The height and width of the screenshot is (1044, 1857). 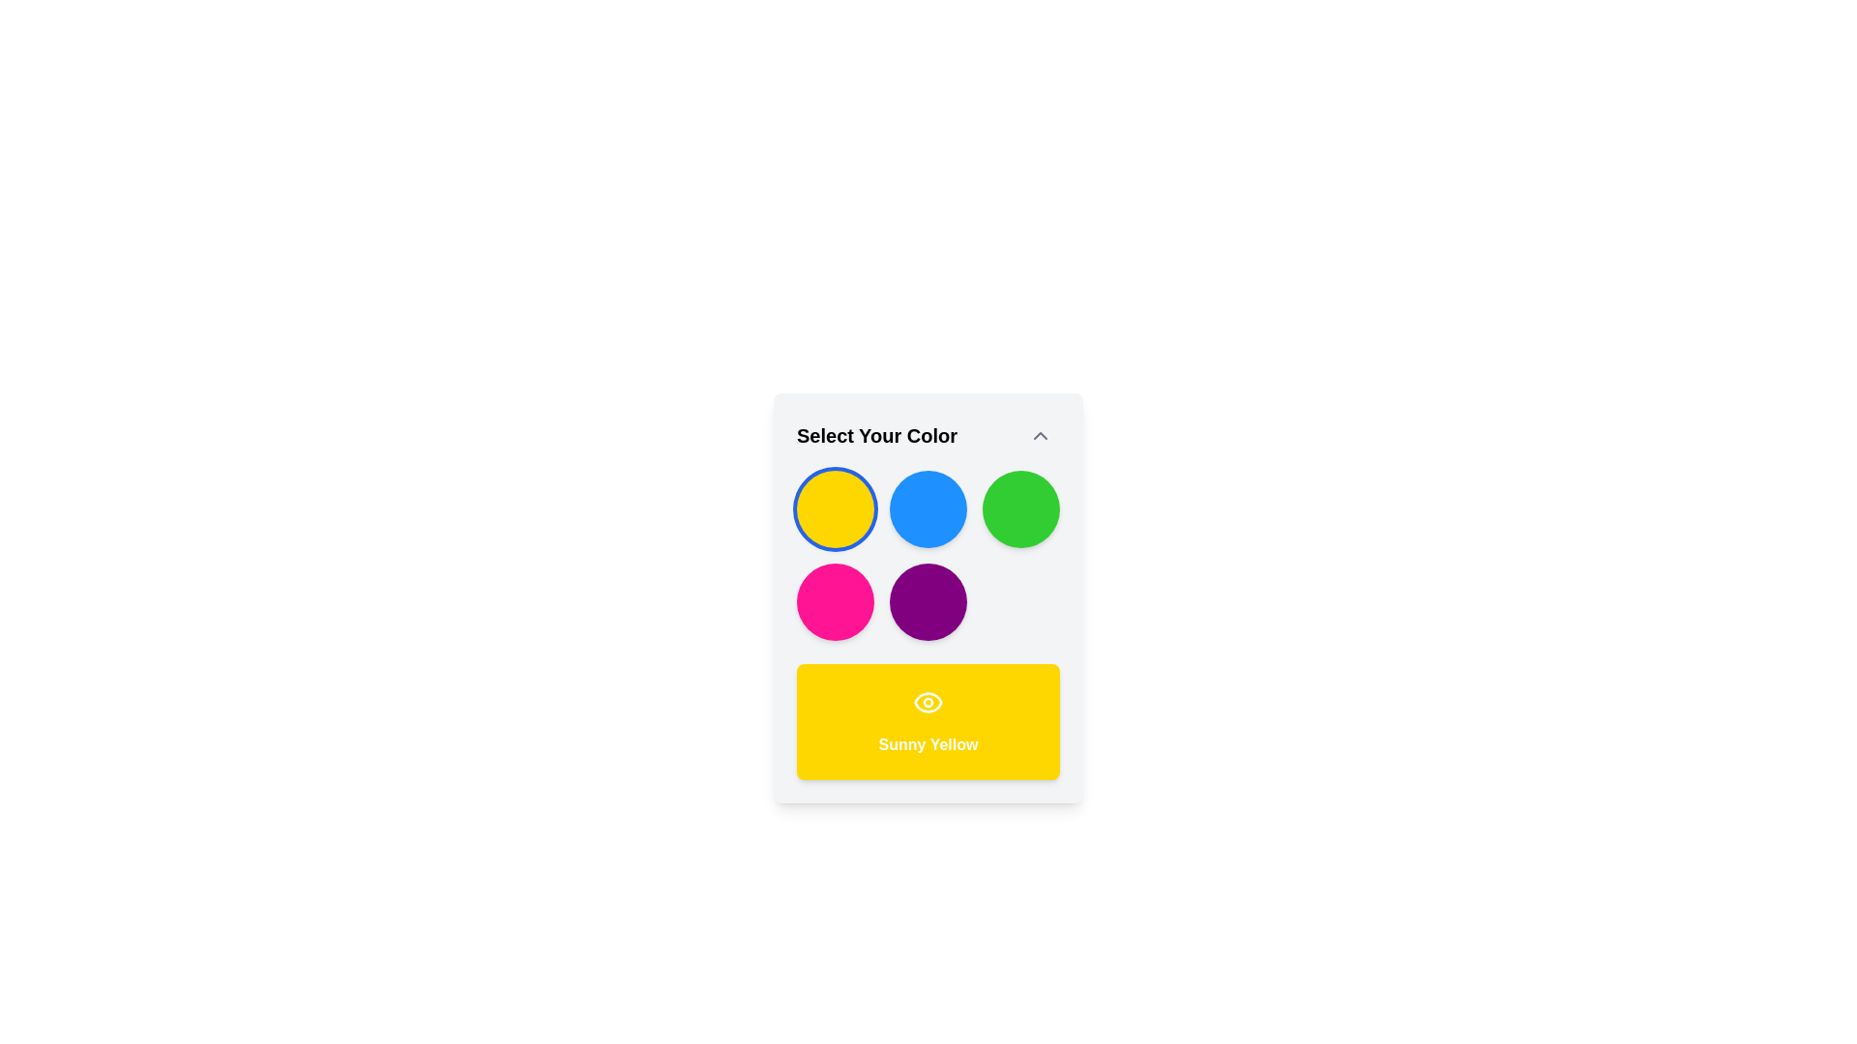 I want to click on the fourth button in the grid layout, which serves as the color selector for 'Blush Pink', to trigger the hover effect, so click(x=836, y=601).